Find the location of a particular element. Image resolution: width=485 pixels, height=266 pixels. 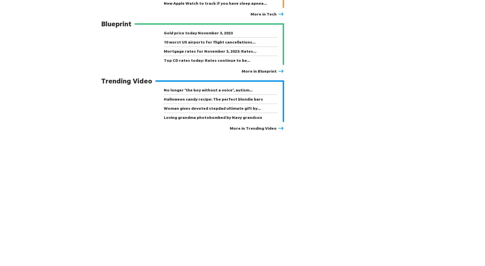

'No longer 'the boy without a voice', autism…' is located at coordinates (164, 90).